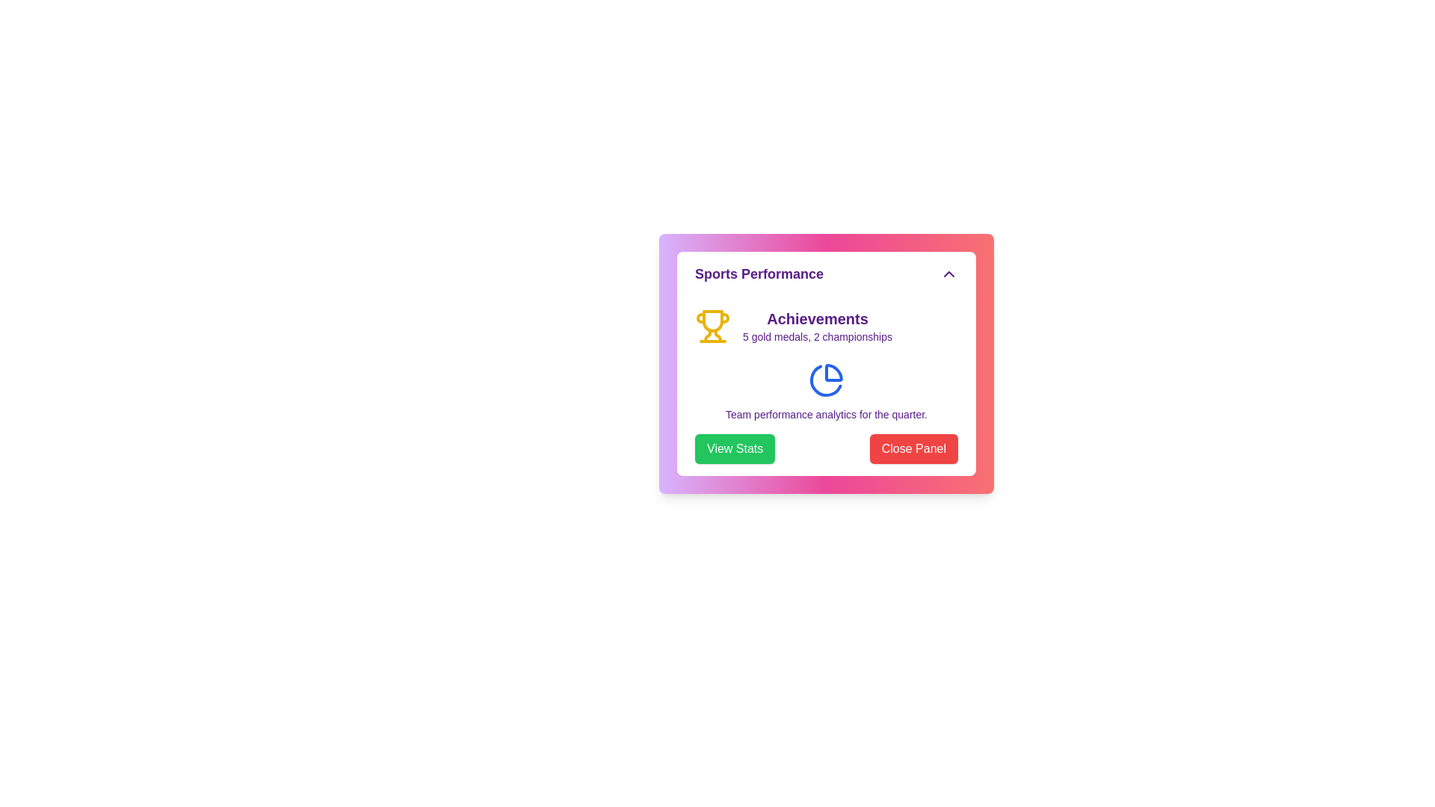  What do you see at coordinates (735, 448) in the screenshot?
I see `the leftmost button at the bottom of the panel` at bounding box center [735, 448].